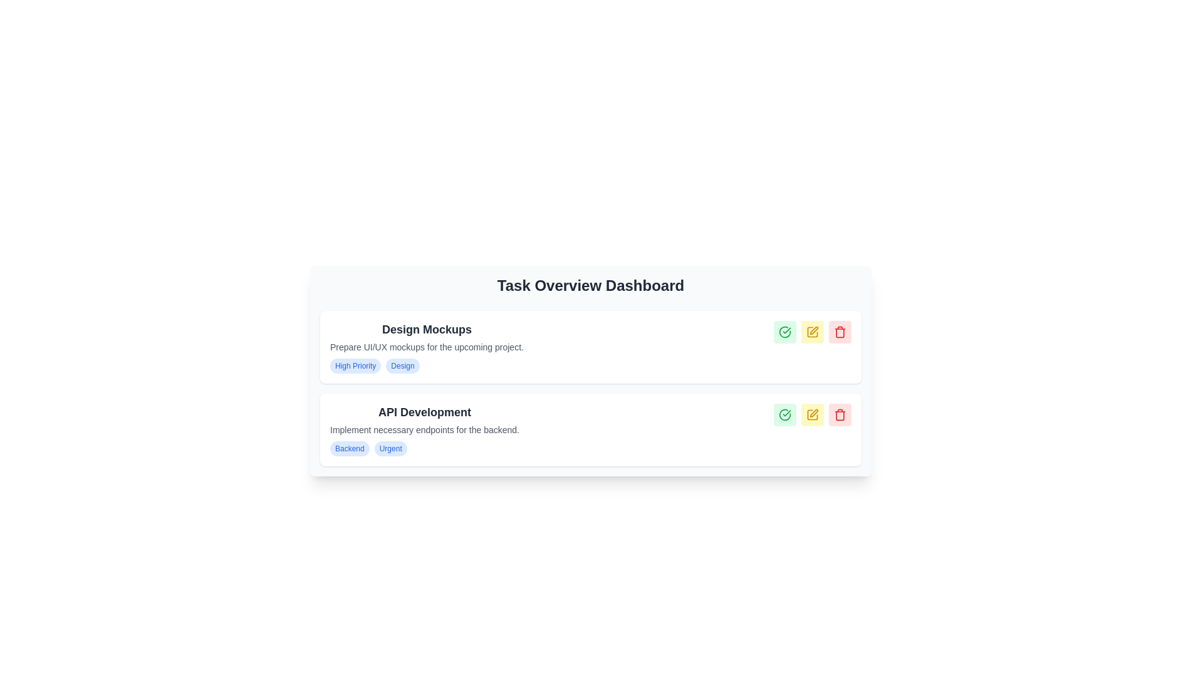 This screenshot has width=1203, height=677. I want to click on the first button with an icon in the action bar of the 'API Development' section, so click(784, 415).